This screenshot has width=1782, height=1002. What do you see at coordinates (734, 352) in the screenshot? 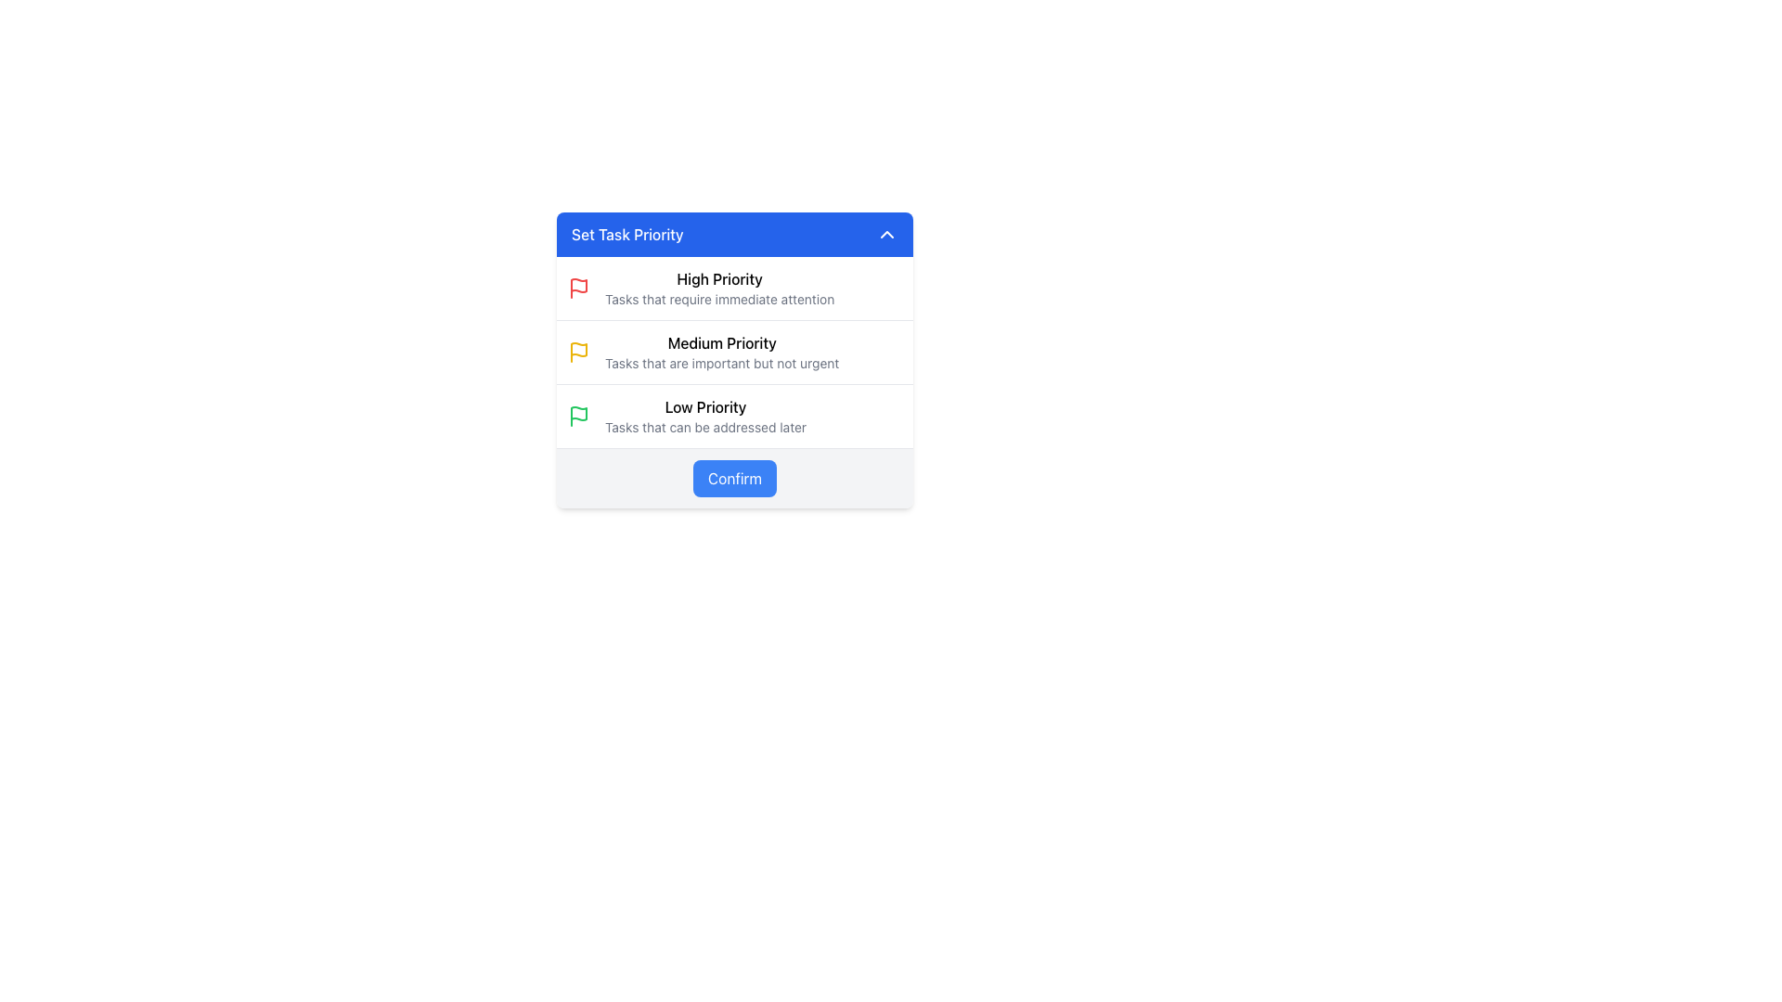
I see `the 'Medium Priority' selectable list item, which features a yellow flag icon and bold text indicating its priority level` at bounding box center [734, 352].